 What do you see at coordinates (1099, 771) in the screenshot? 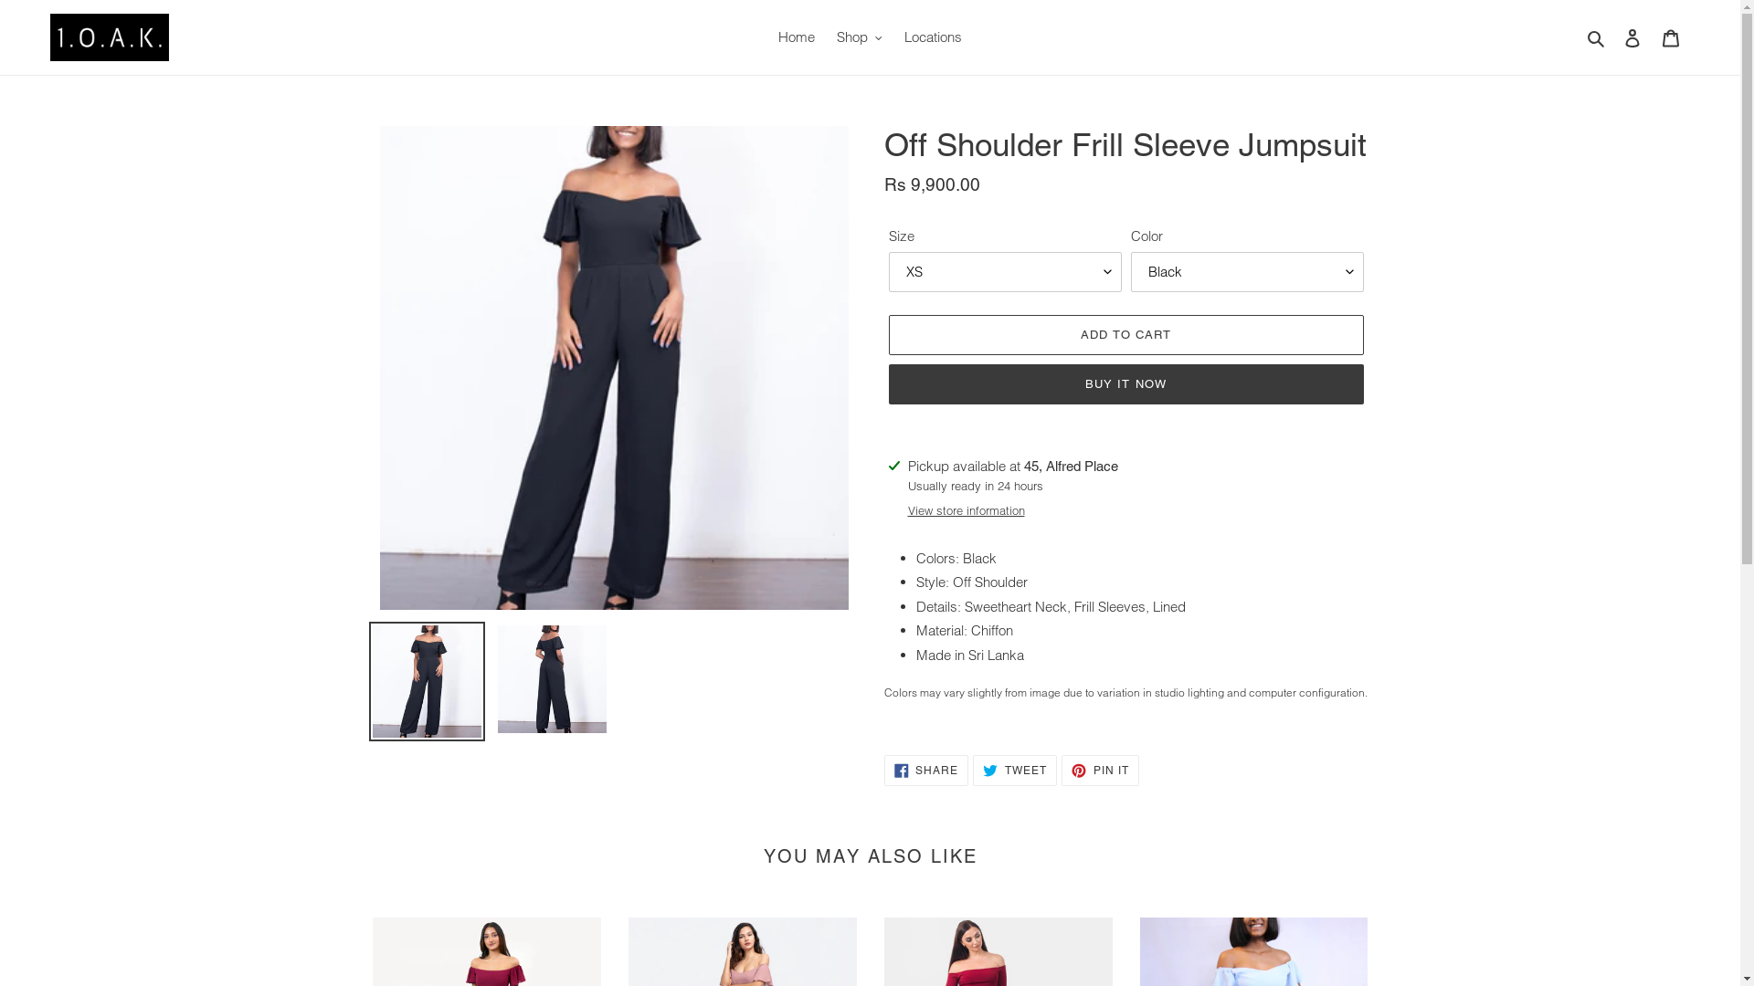
I see `'PIN IT` at bounding box center [1099, 771].